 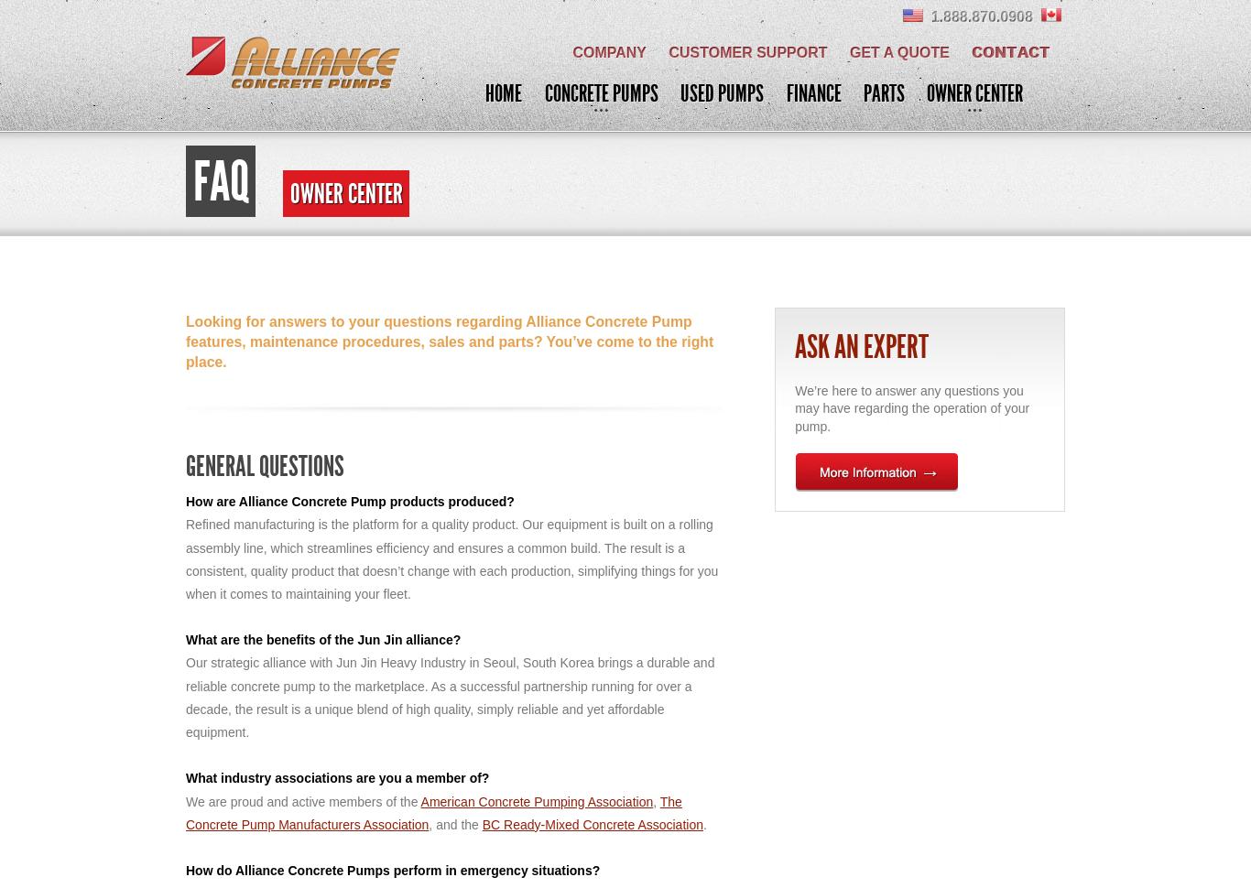 What do you see at coordinates (653, 801) in the screenshot?
I see `','` at bounding box center [653, 801].